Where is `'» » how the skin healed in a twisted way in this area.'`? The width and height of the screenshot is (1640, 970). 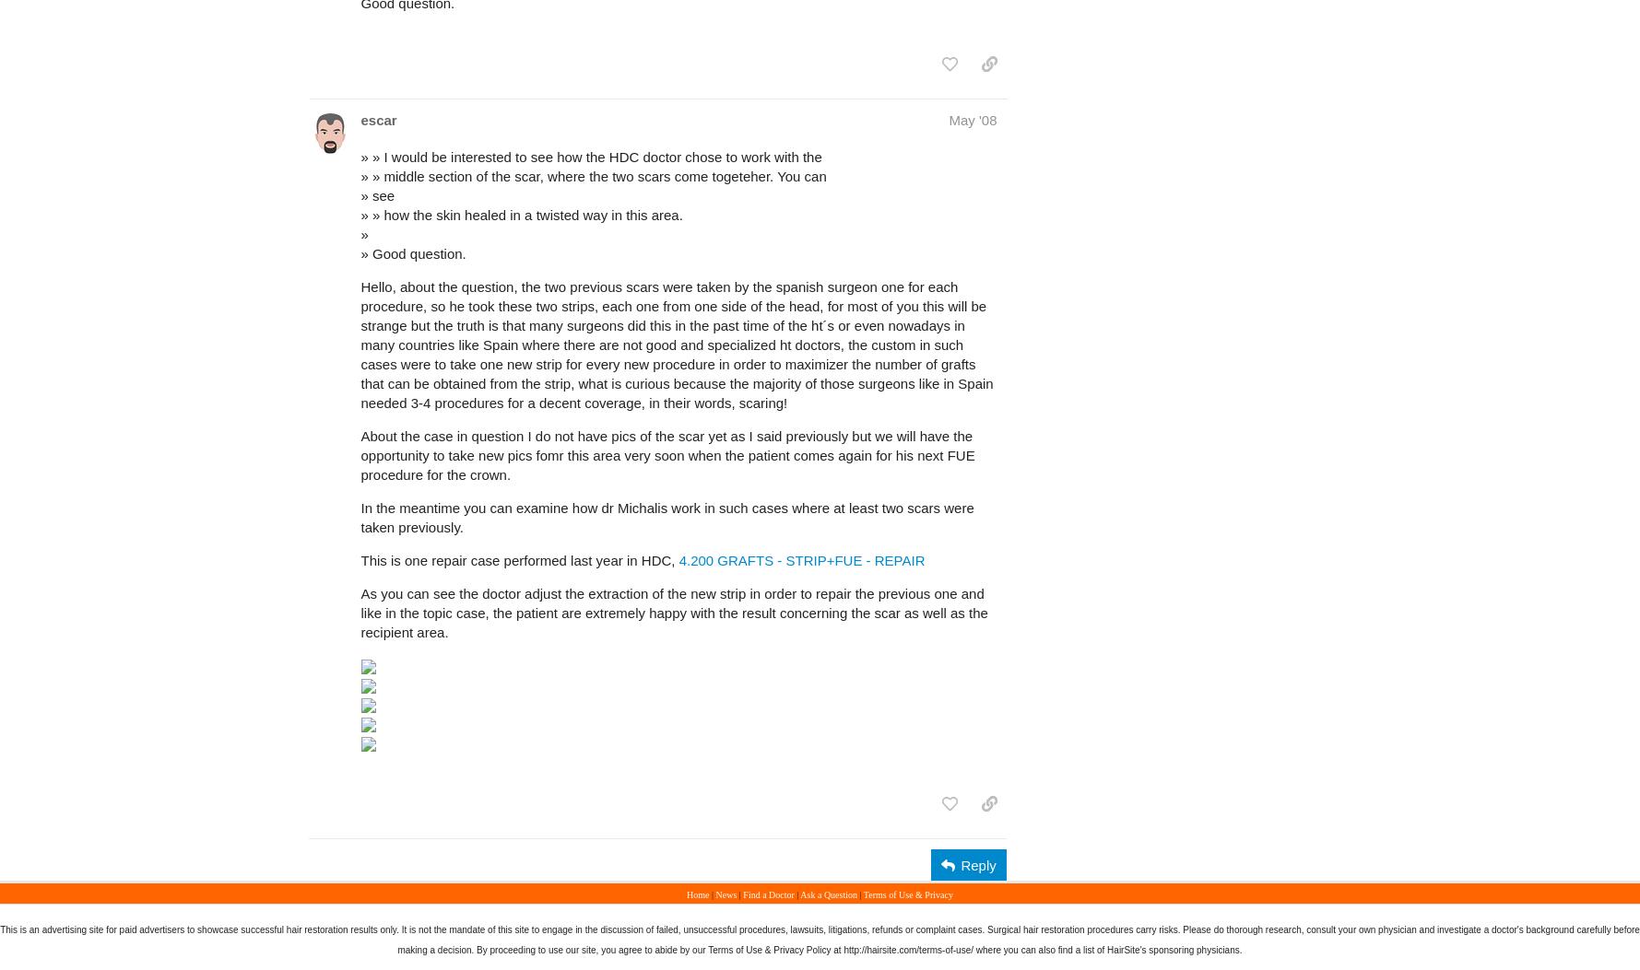 '» » how the skin healed in a twisted way in this area.' is located at coordinates (360, 214).